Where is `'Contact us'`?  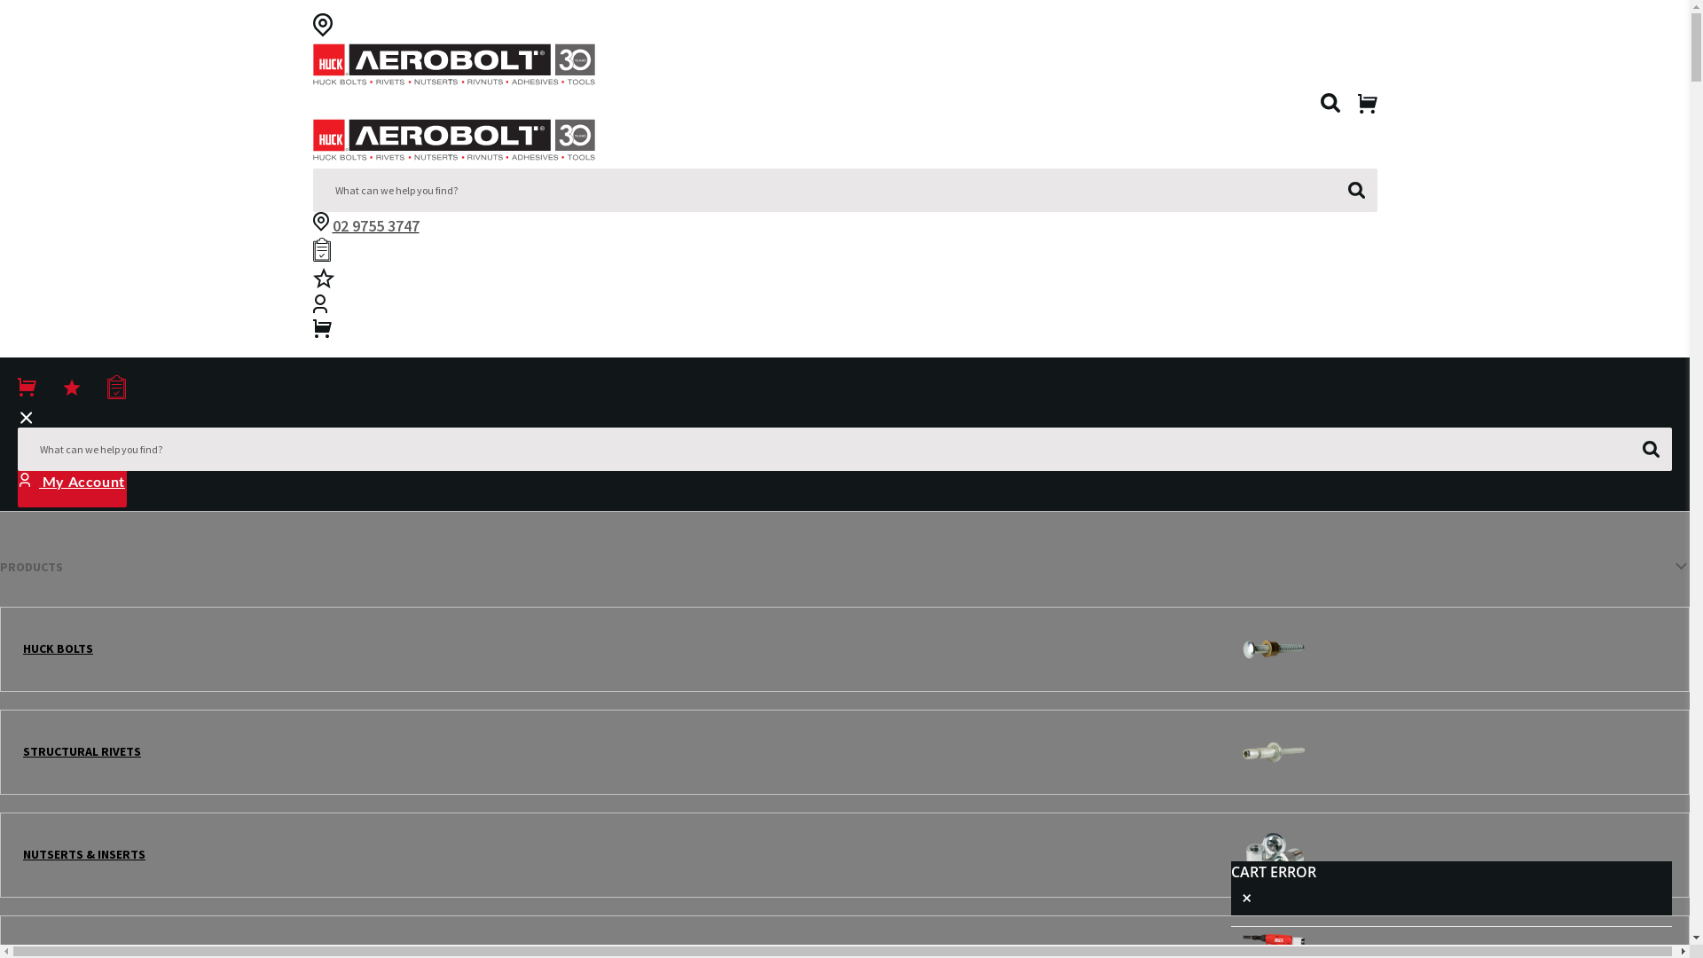
'Contact us' is located at coordinates (319, 224).